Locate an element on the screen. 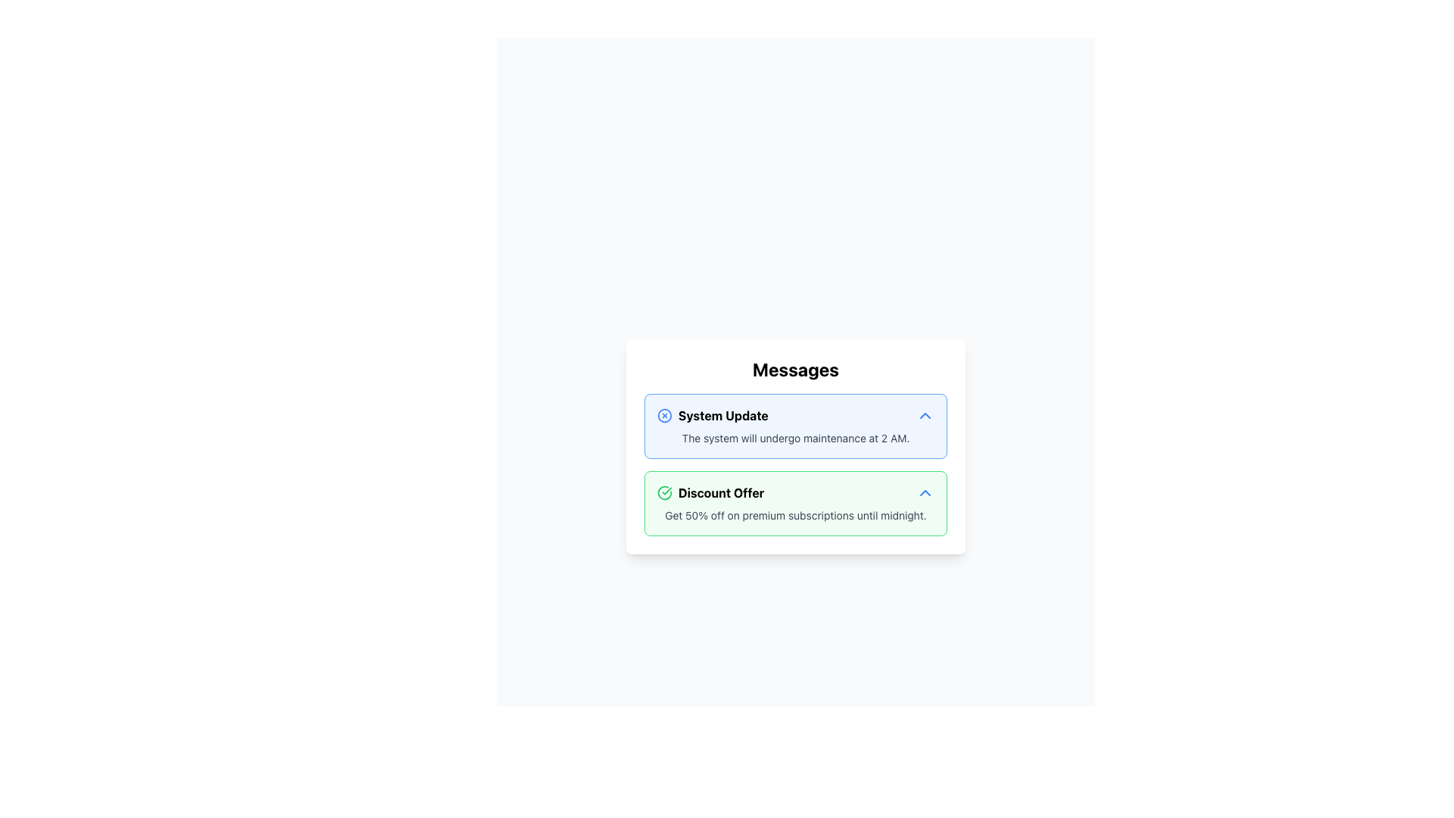 The width and height of the screenshot is (1454, 818). the associated icons is located at coordinates (795, 415).